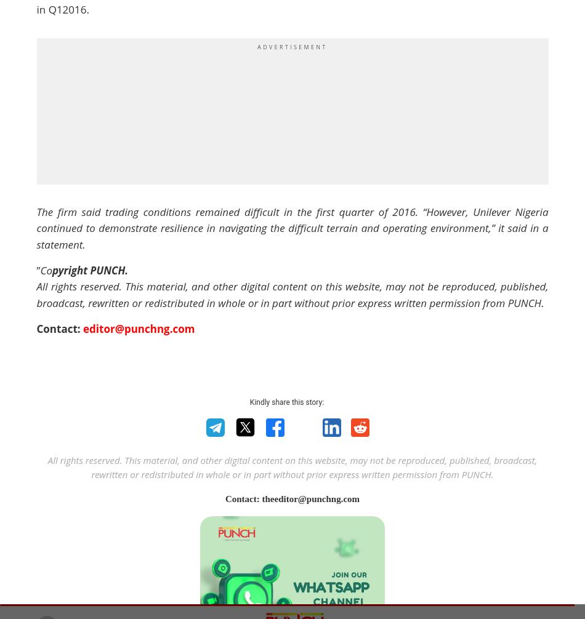 This screenshot has width=585, height=619. Describe the element at coordinates (126, 285) in the screenshot. I see `'Auto Famous'` at that location.